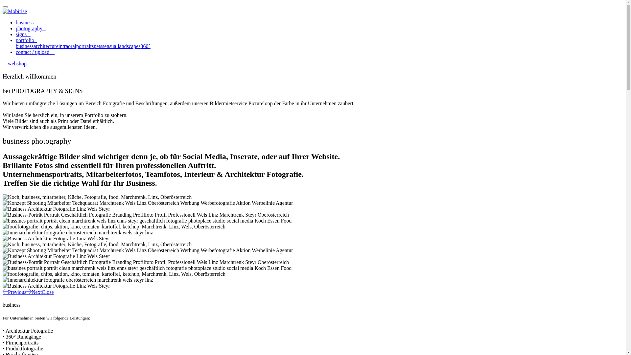 The image size is (631, 355). Describe the element at coordinates (97, 46) in the screenshot. I see `'pets'` at that location.